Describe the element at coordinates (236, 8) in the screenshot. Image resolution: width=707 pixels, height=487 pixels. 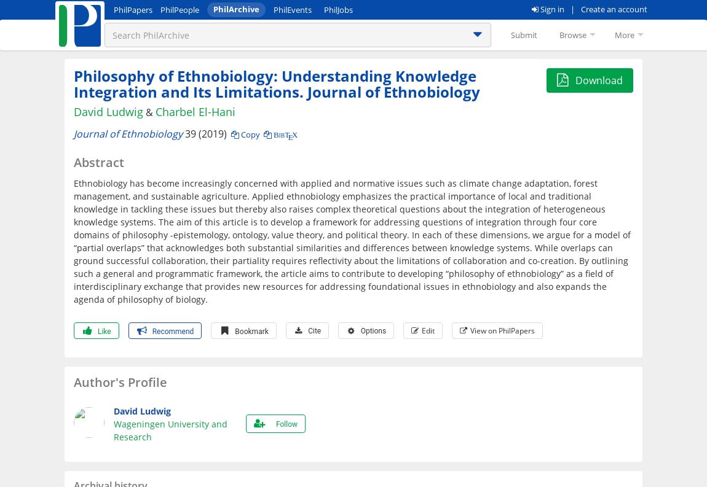
I see `'PhilArchive'` at that location.